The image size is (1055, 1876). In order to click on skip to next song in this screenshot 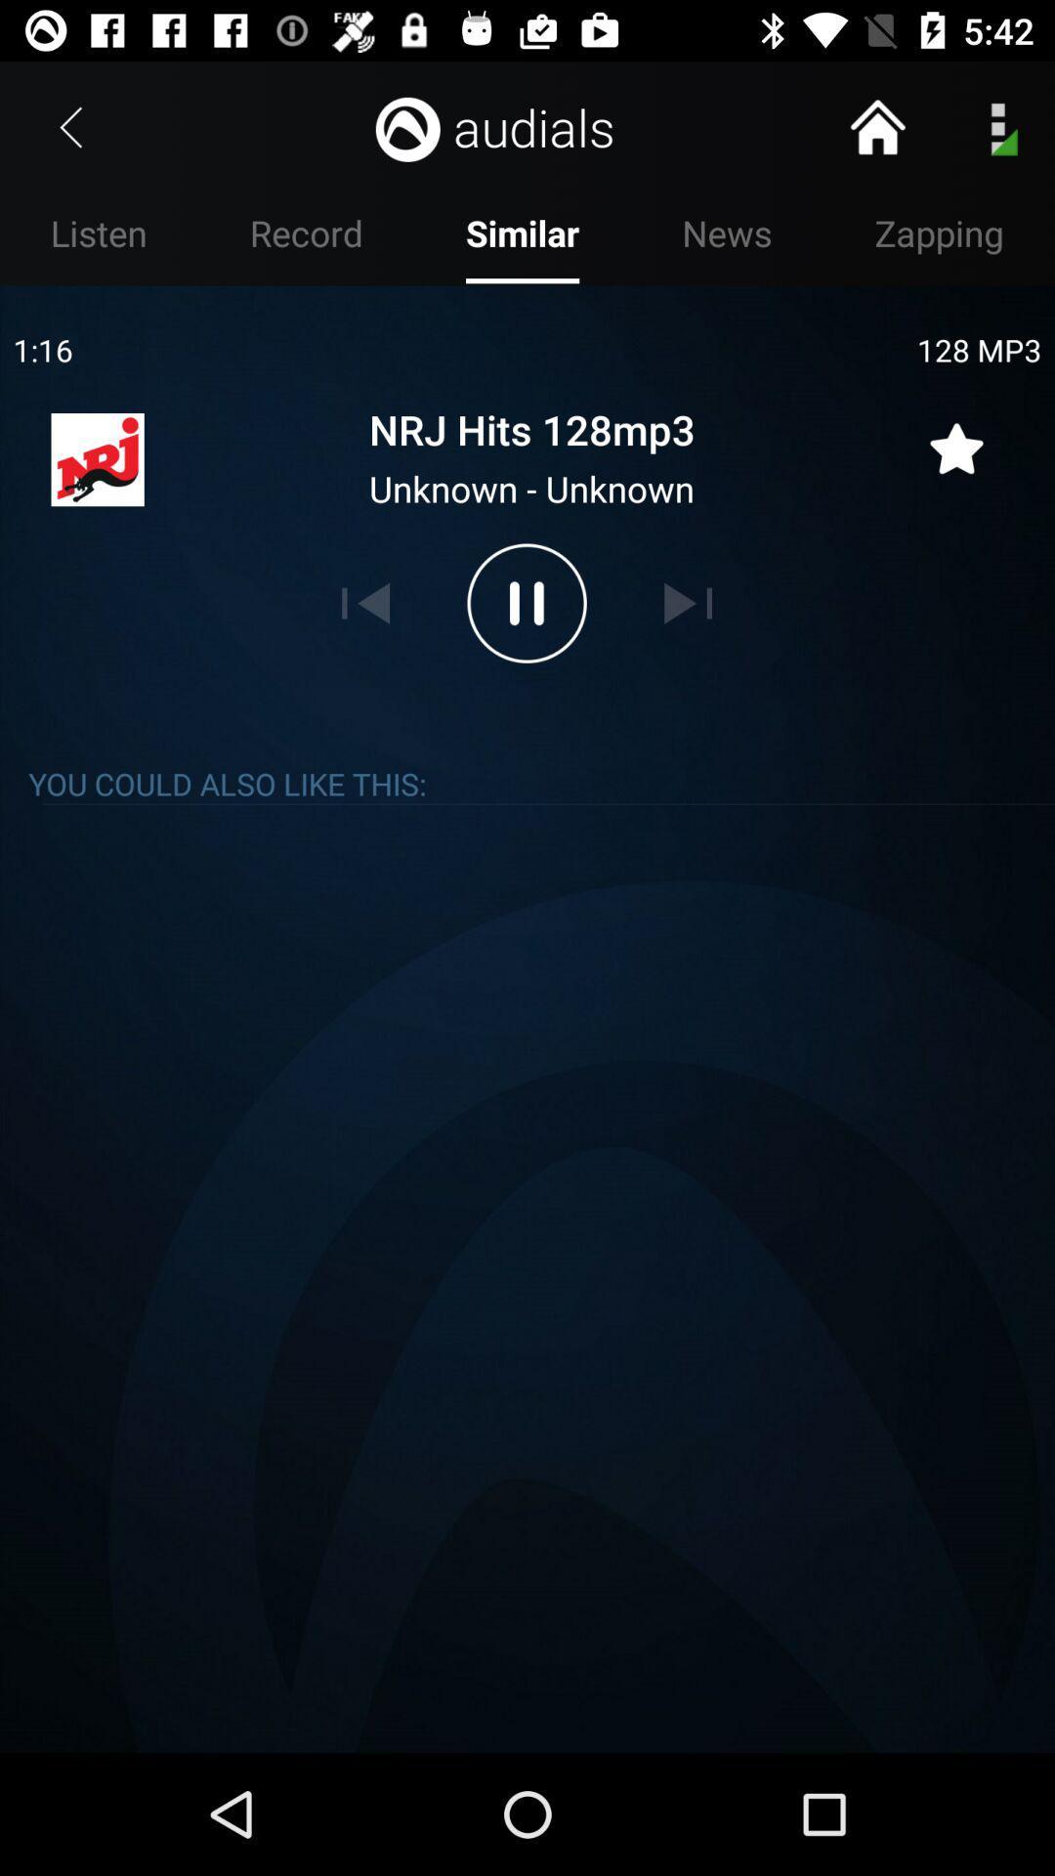, I will do `click(687, 602)`.